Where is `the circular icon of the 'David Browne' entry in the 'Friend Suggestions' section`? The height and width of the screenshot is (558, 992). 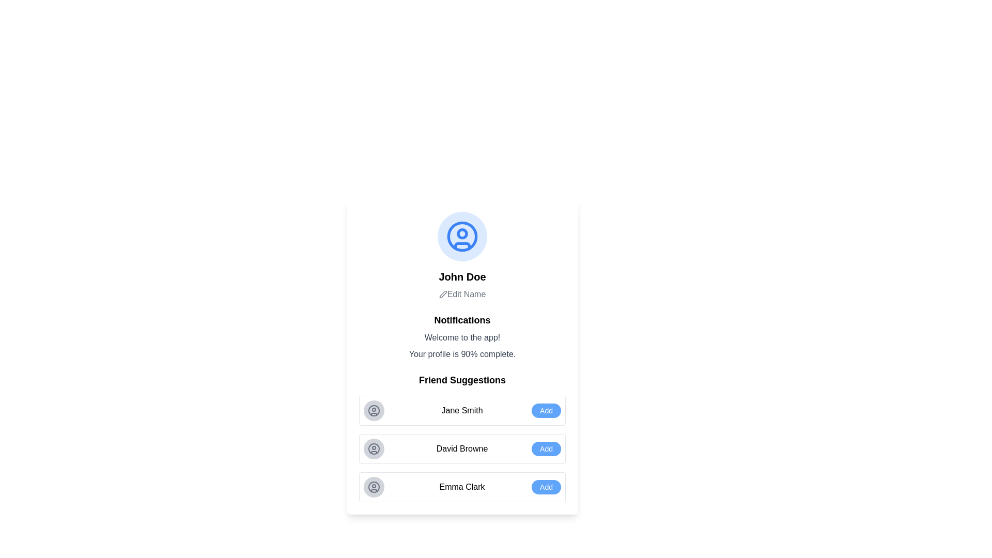
the circular icon of the 'David Browne' entry in the 'Friend Suggestions' section is located at coordinates (461, 448).